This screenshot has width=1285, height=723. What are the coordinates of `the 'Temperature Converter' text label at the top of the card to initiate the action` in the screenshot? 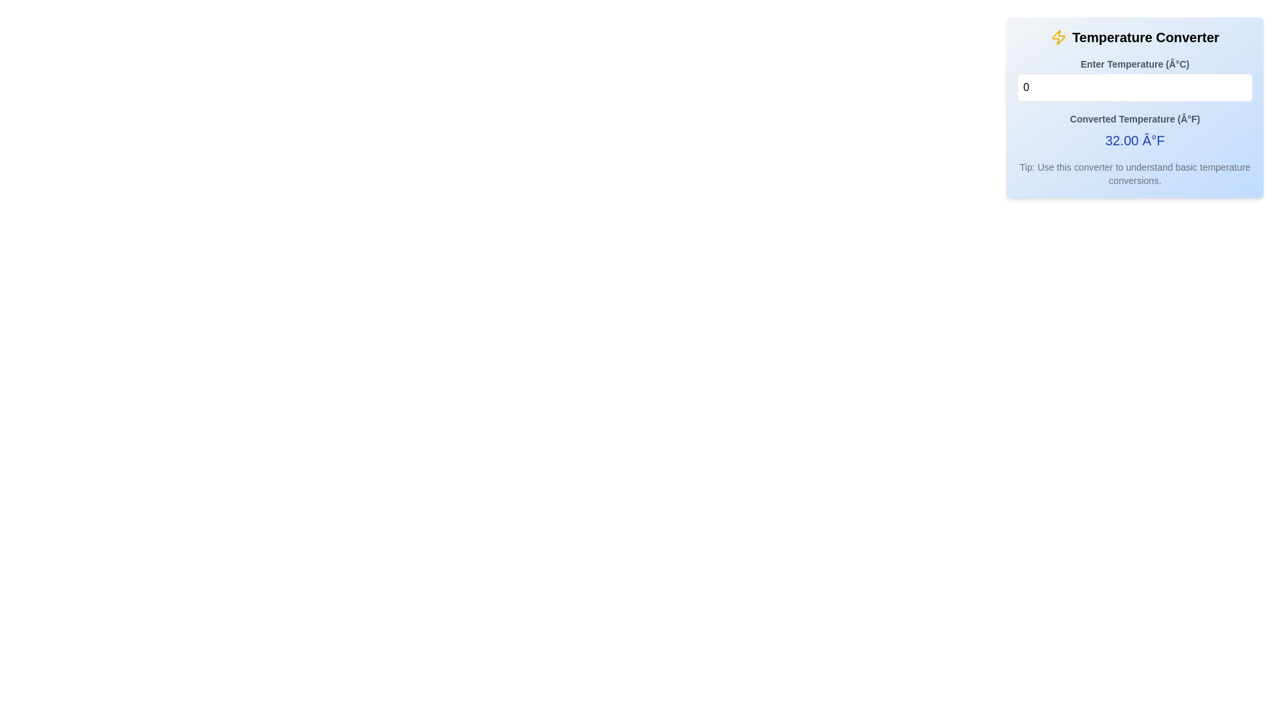 It's located at (1134, 37).